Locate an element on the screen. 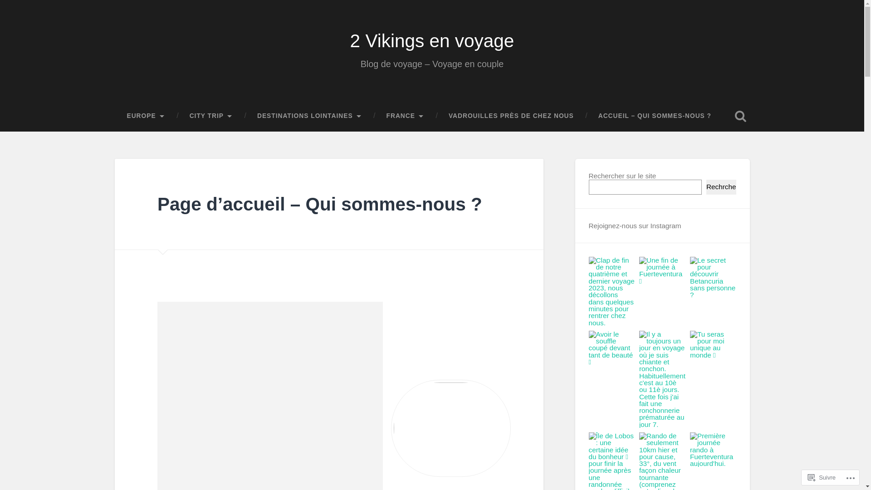 Image resolution: width=871 pixels, height=490 pixels. 'Suivre' is located at coordinates (804, 477).